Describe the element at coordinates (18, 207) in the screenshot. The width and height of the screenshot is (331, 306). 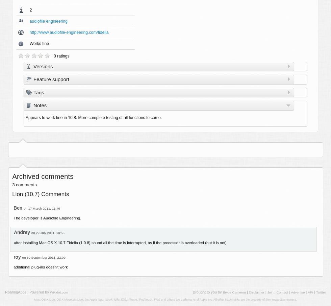
I see `'Ben'` at that location.